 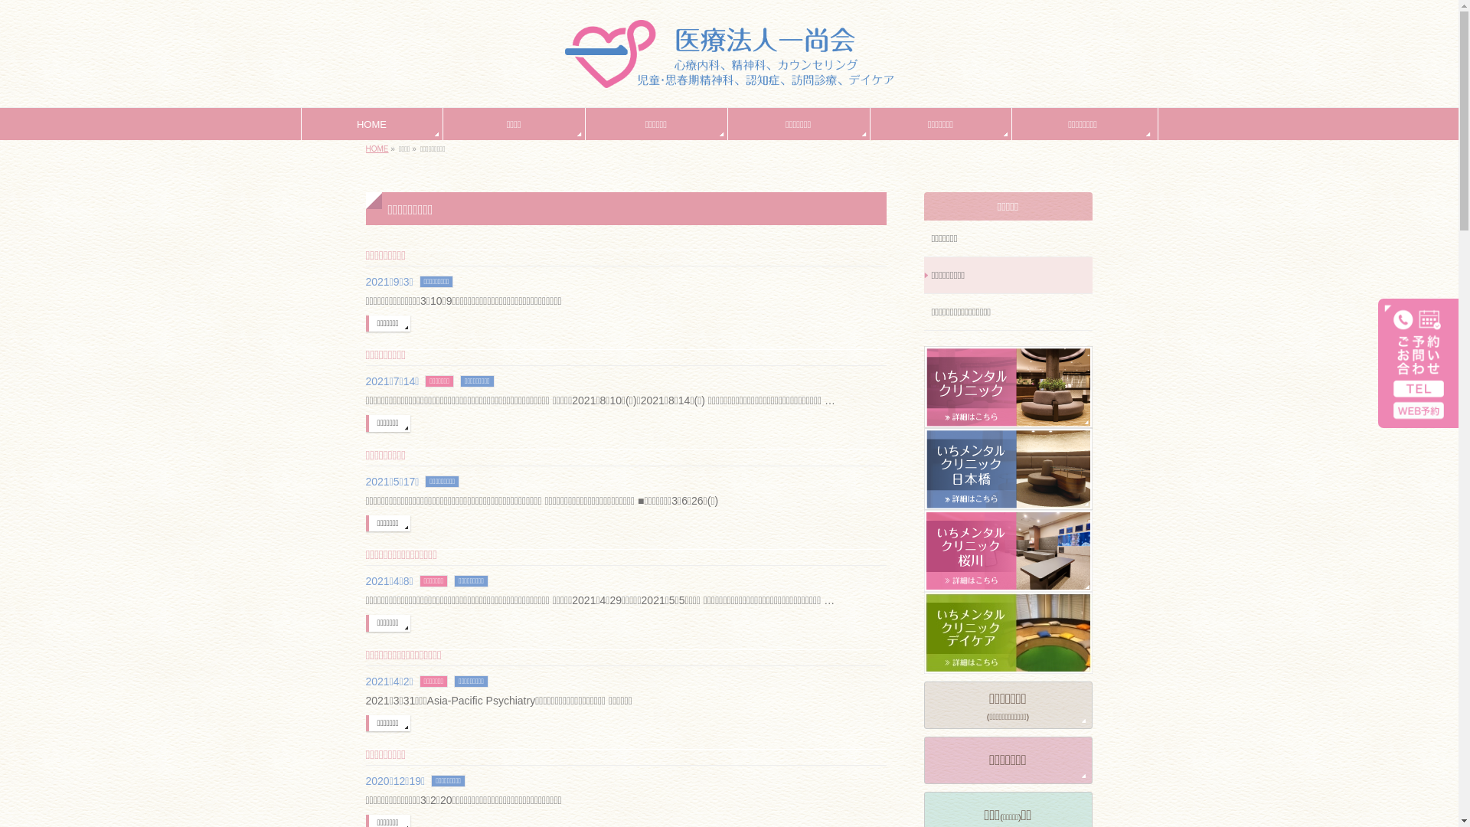 I want to click on 'HOME', so click(x=377, y=149).